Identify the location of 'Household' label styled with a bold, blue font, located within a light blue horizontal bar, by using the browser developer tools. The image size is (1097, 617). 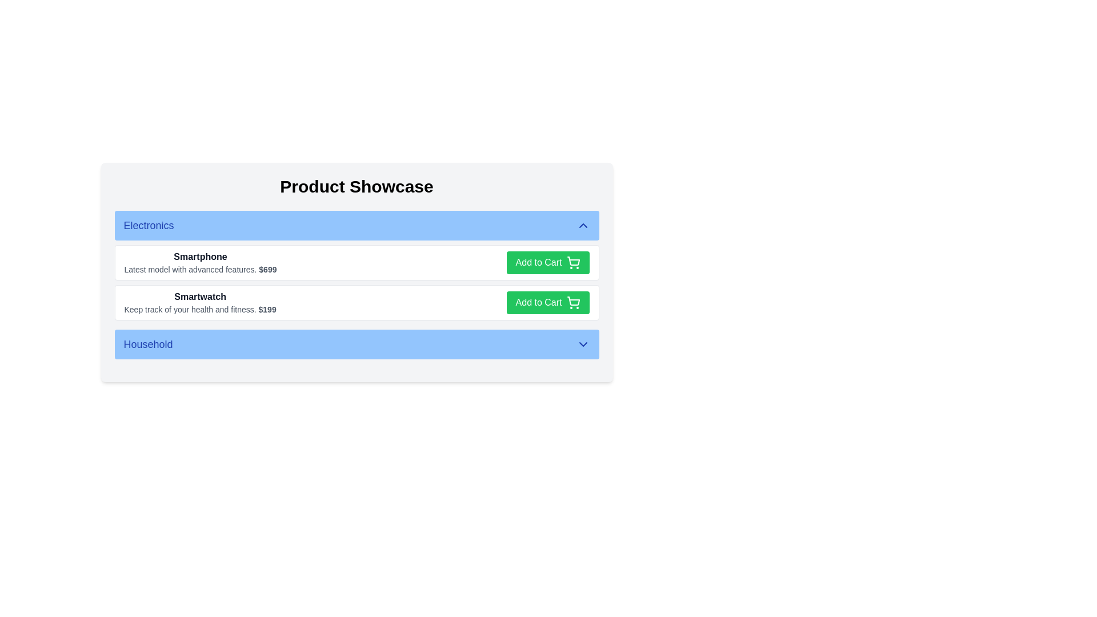
(147, 343).